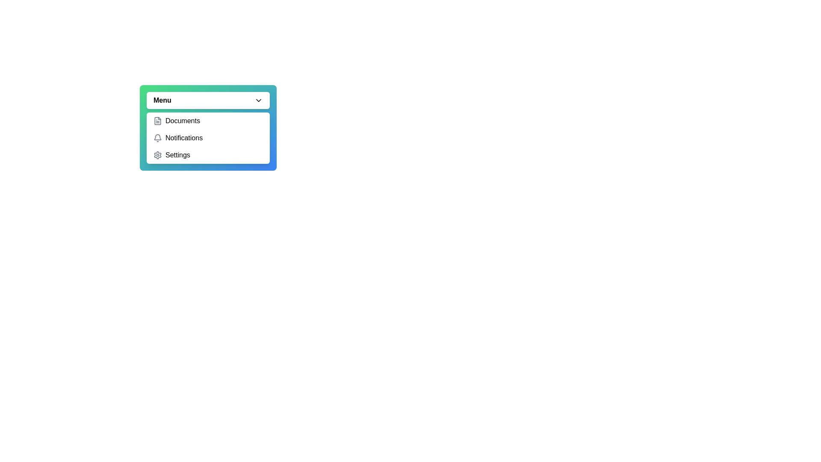 This screenshot has width=821, height=462. What do you see at coordinates (208, 138) in the screenshot?
I see `outside the dropdown menu containing options 'Documents', 'Notifications', and 'Settings'` at bounding box center [208, 138].